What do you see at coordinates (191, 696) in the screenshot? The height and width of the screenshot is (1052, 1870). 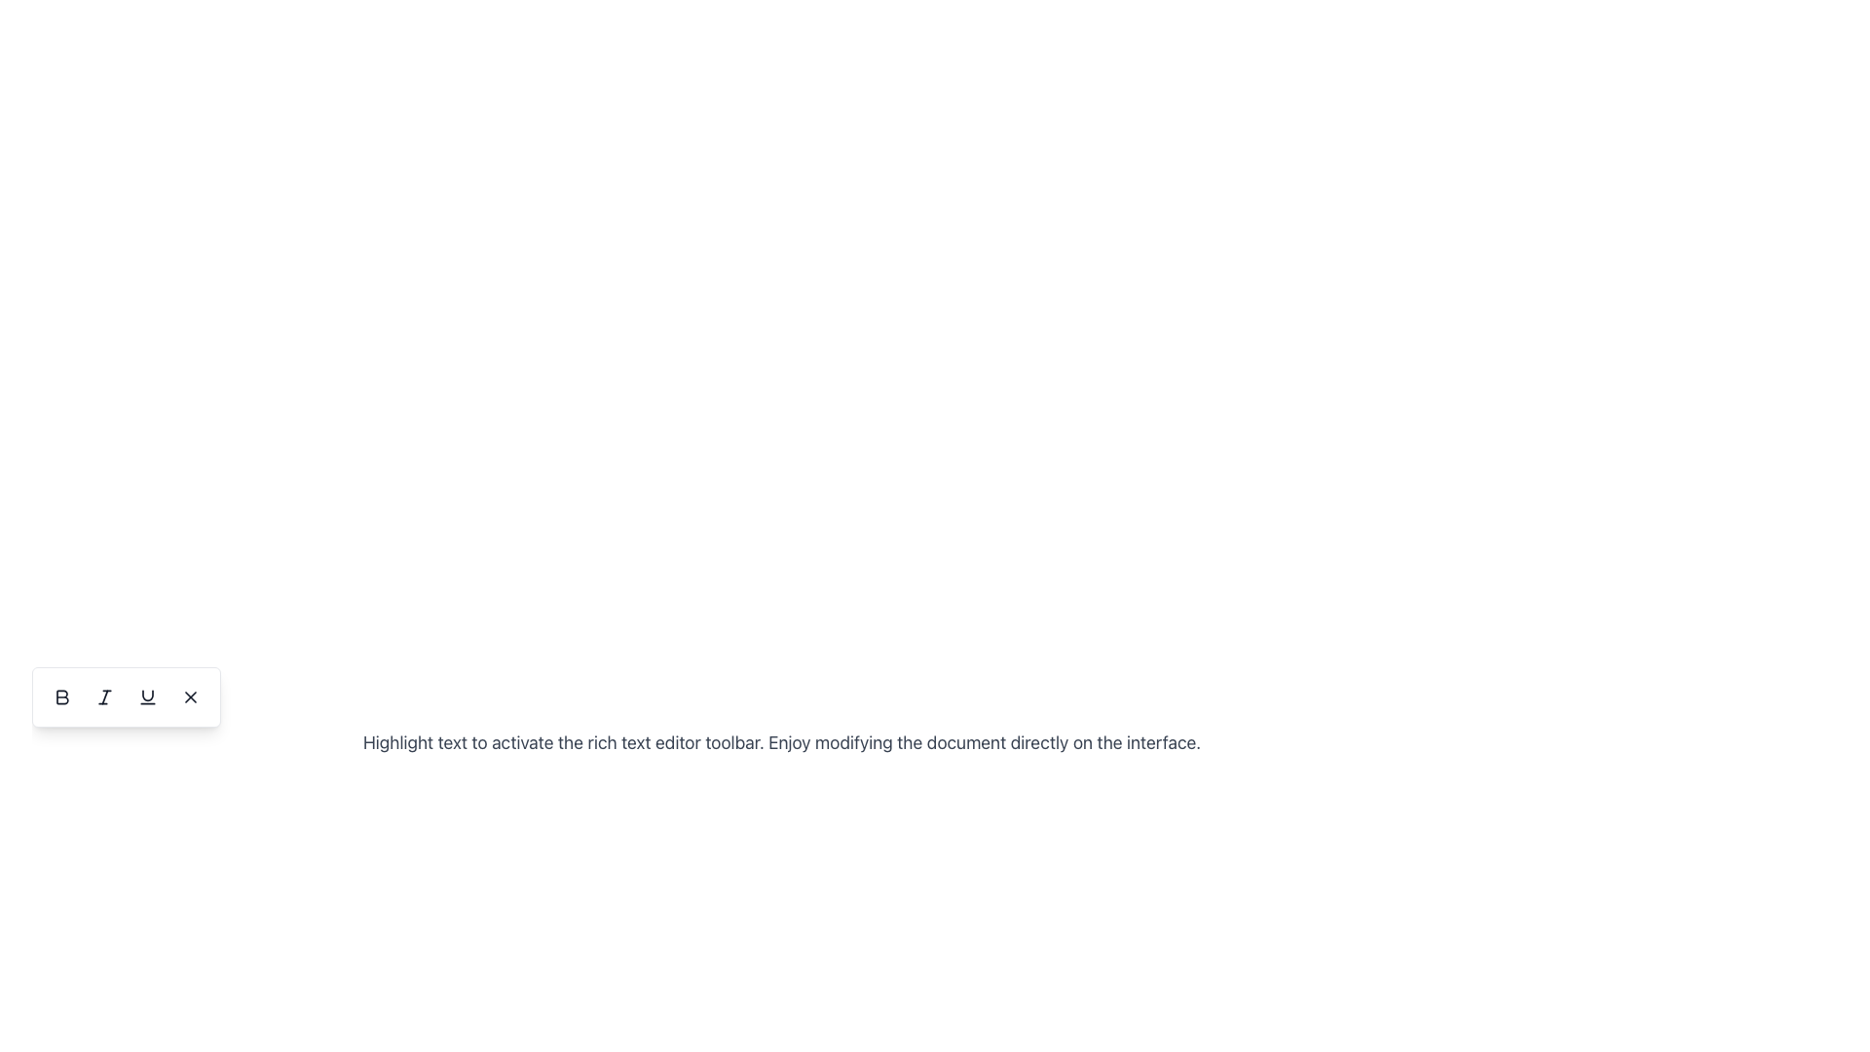 I see `the circular button with an 'X' icon` at bounding box center [191, 696].